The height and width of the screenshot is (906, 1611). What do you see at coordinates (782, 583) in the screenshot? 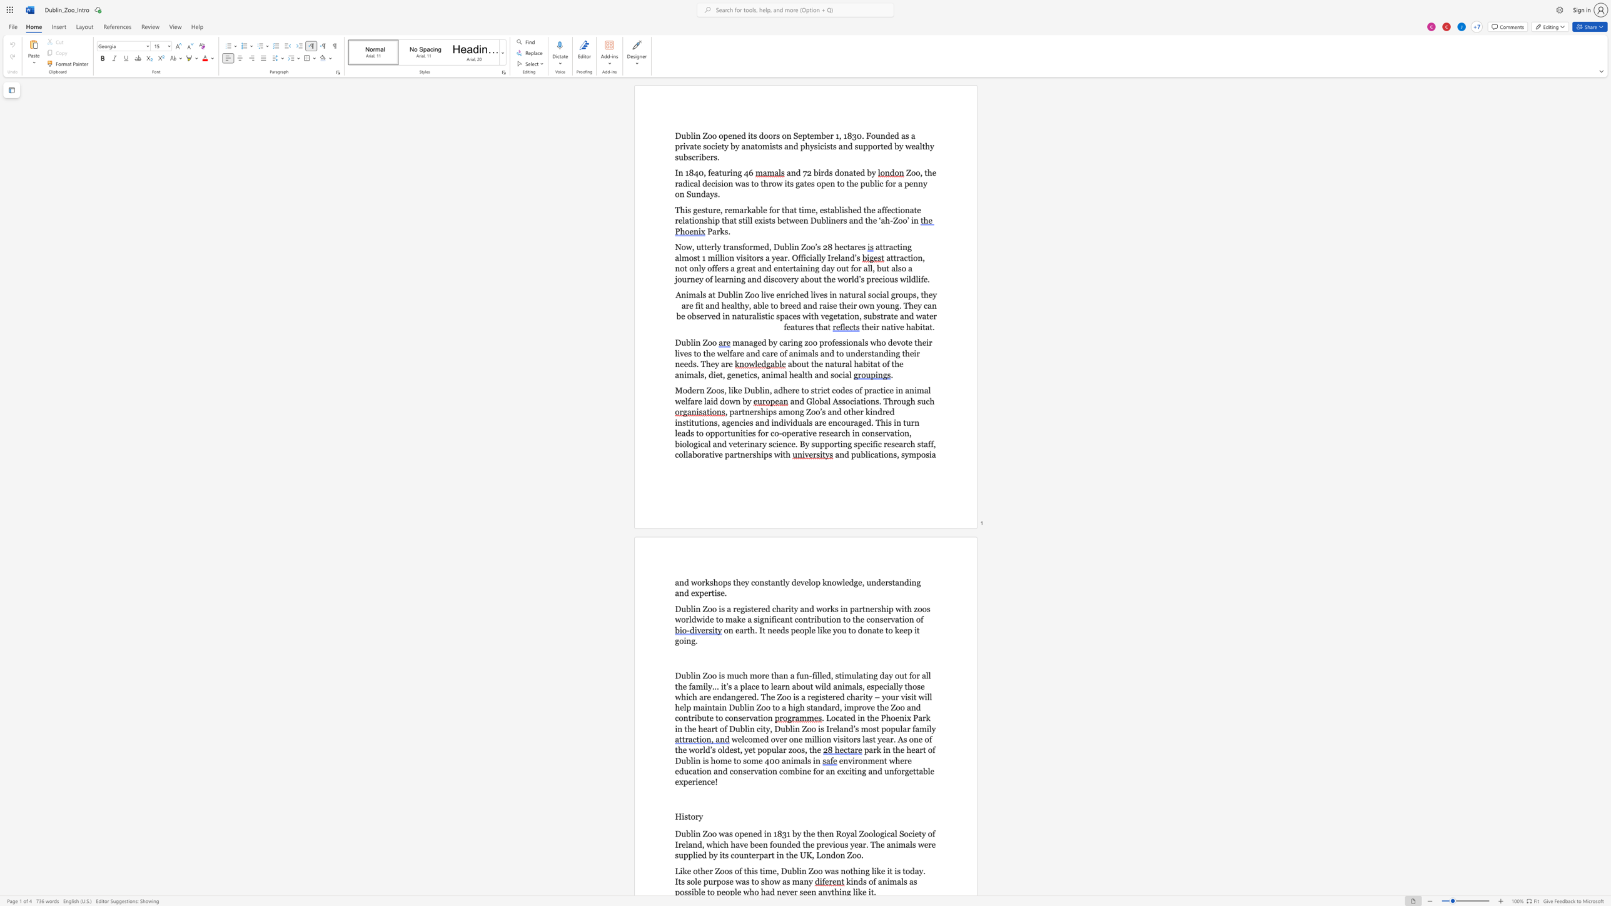
I see `the space between the continuous character "t" and "l" in the text` at bounding box center [782, 583].